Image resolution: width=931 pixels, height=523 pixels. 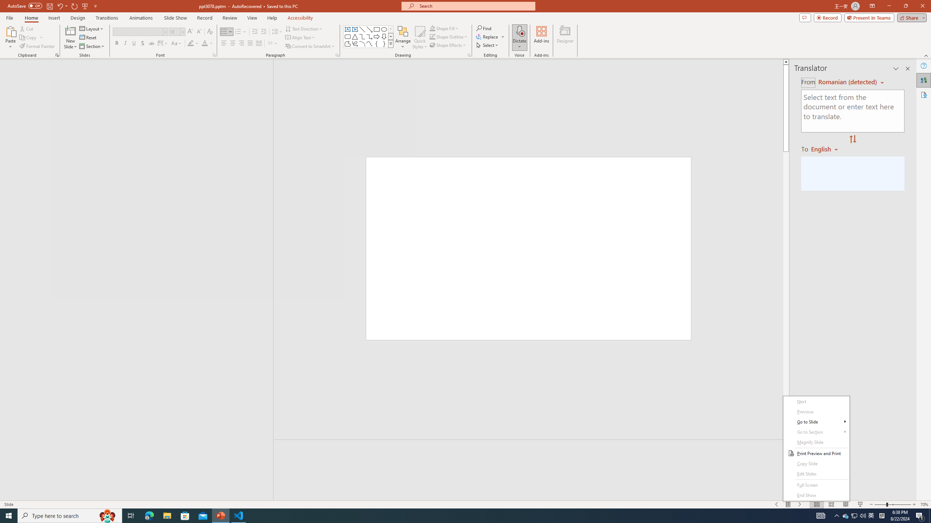 I want to click on 'Print Preview and Print', so click(x=816, y=453).